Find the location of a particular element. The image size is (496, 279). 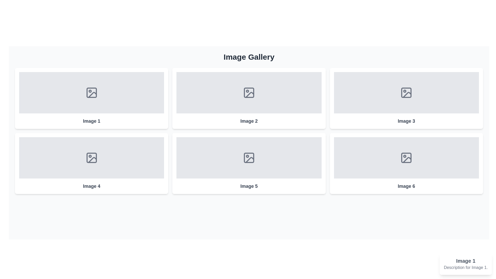

text label displaying 'Image 6' located in the sixth tile of the grid, centered below the image placeholder icon is located at coordinates (406, 186).